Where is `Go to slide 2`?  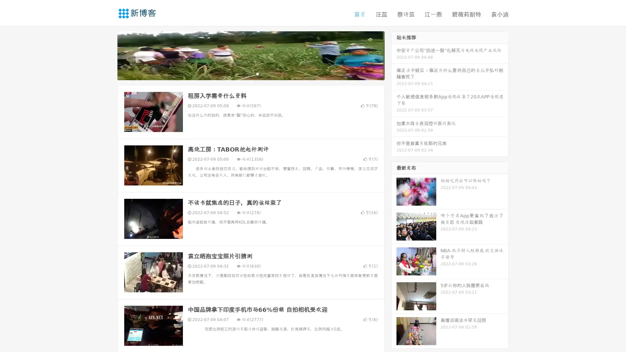 Go to slide 2 is located at coordinates (250, 73).